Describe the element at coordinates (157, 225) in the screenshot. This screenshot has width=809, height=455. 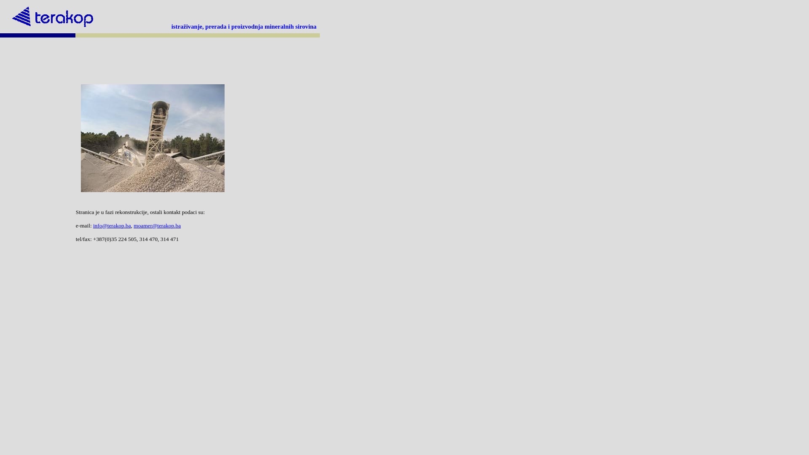
I see `'moamer@terakop.ba'` at that location.